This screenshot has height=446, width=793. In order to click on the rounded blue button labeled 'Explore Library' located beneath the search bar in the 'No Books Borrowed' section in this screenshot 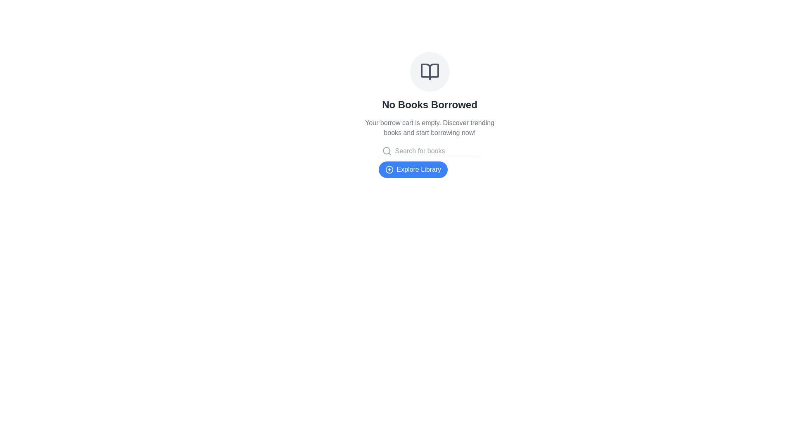, I will do `click(413, 169)`.